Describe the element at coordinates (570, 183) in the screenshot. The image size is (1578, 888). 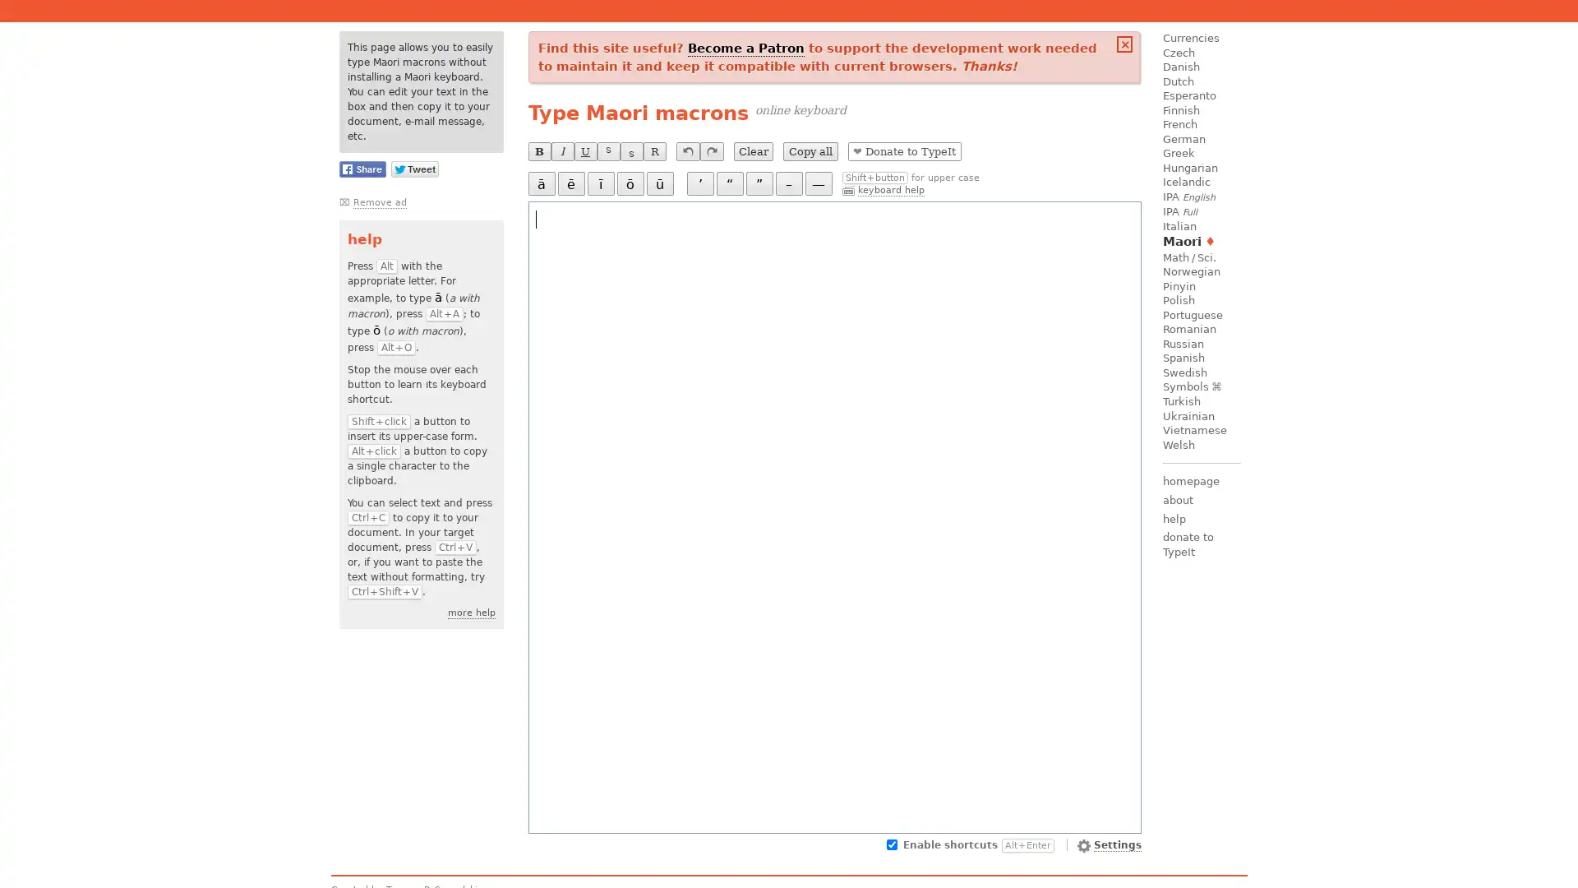
I see `e` at that location.